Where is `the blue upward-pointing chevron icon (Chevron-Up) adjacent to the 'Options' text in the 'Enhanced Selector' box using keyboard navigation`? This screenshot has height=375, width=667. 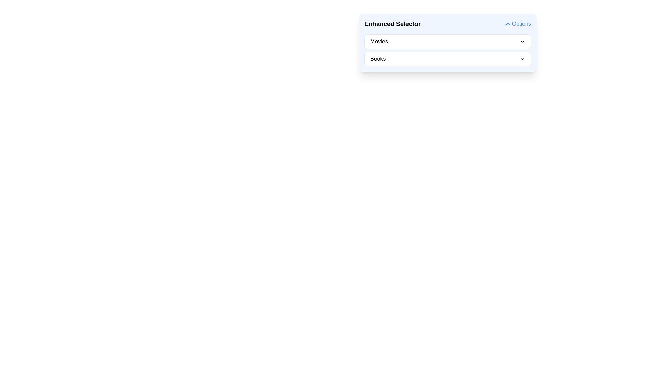 the blue upward-pointing chevron icon (Chevron-Up) adjacent to the 'Options' text in the 'Enhanced Selector' box using keyboard navigation is located at coordinates (508, 24).